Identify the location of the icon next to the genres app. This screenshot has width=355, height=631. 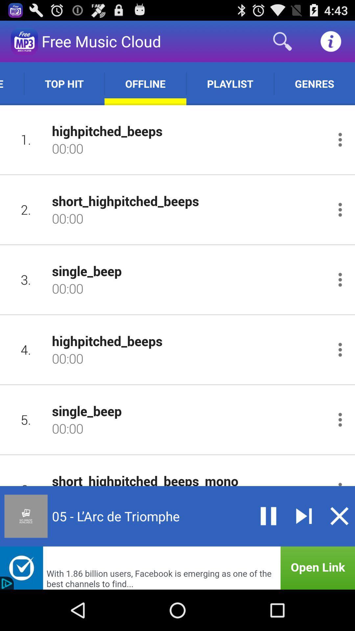
(230, 83).